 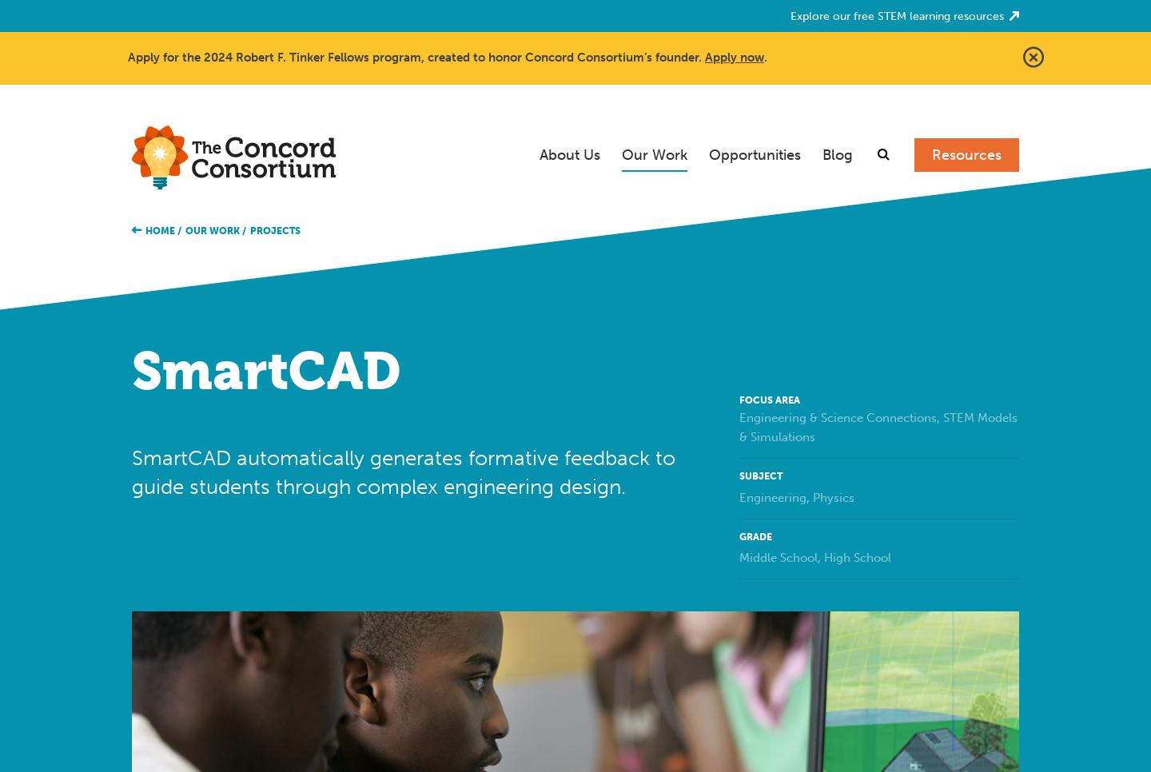 I want to click on 'Focus Areas', so click(x=671, y=204).